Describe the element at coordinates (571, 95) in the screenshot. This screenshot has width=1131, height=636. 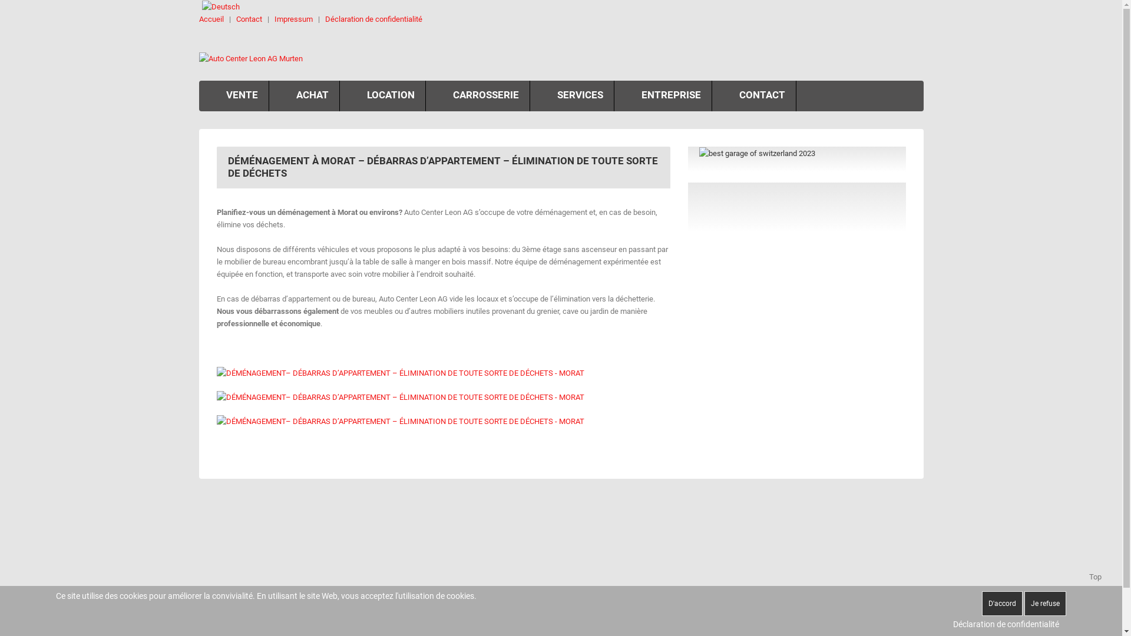
I see `'SERVICES'` at that location.